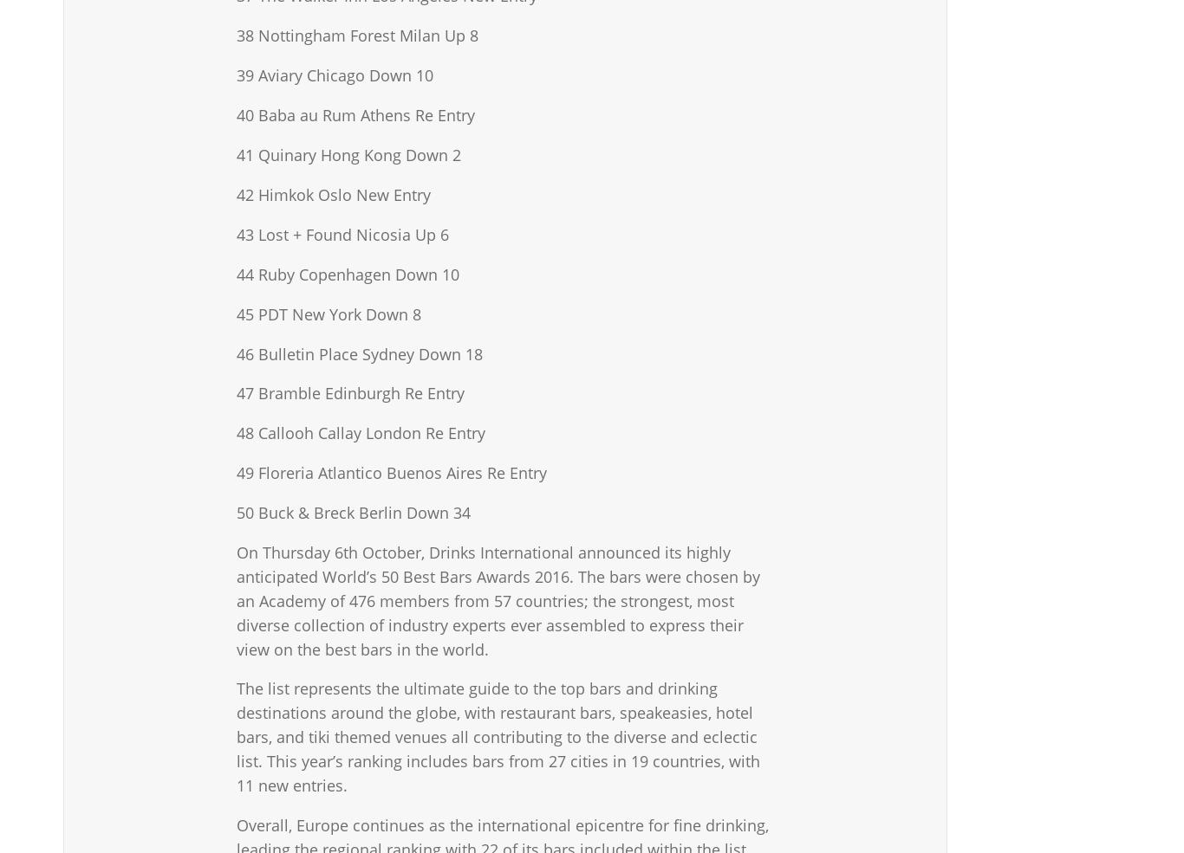 This screenshot has height=853, width=1184. Describe the element at coordinates (347, 273) in the screenshot. I see `'44	Ruby 	Copenhagen	Down 10'` at that location.